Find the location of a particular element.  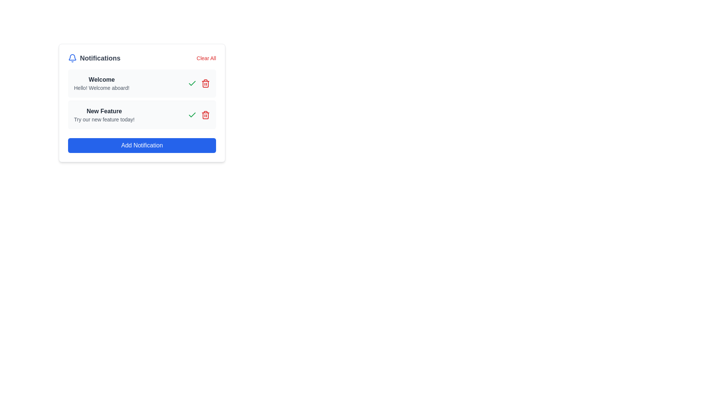

the static text element displaying 'Hello! Welcome aboard!', which is styled in a smaller, gray font and positioned below the 'Welcome' headline is located at coordinates (101, 87).